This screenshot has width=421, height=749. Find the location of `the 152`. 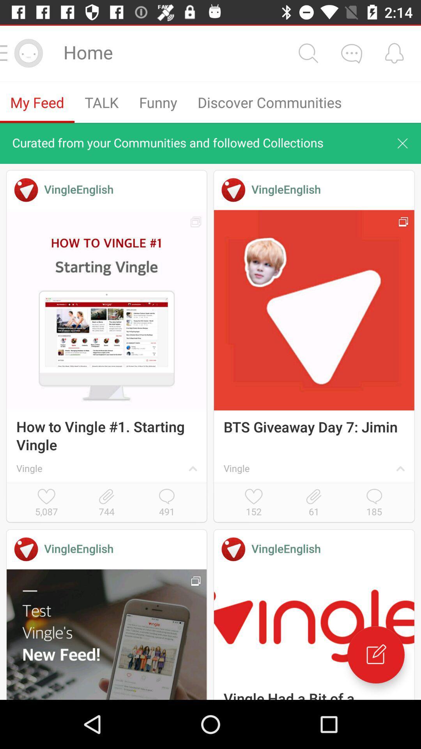

the 152 is located at coordinates (254, 503).